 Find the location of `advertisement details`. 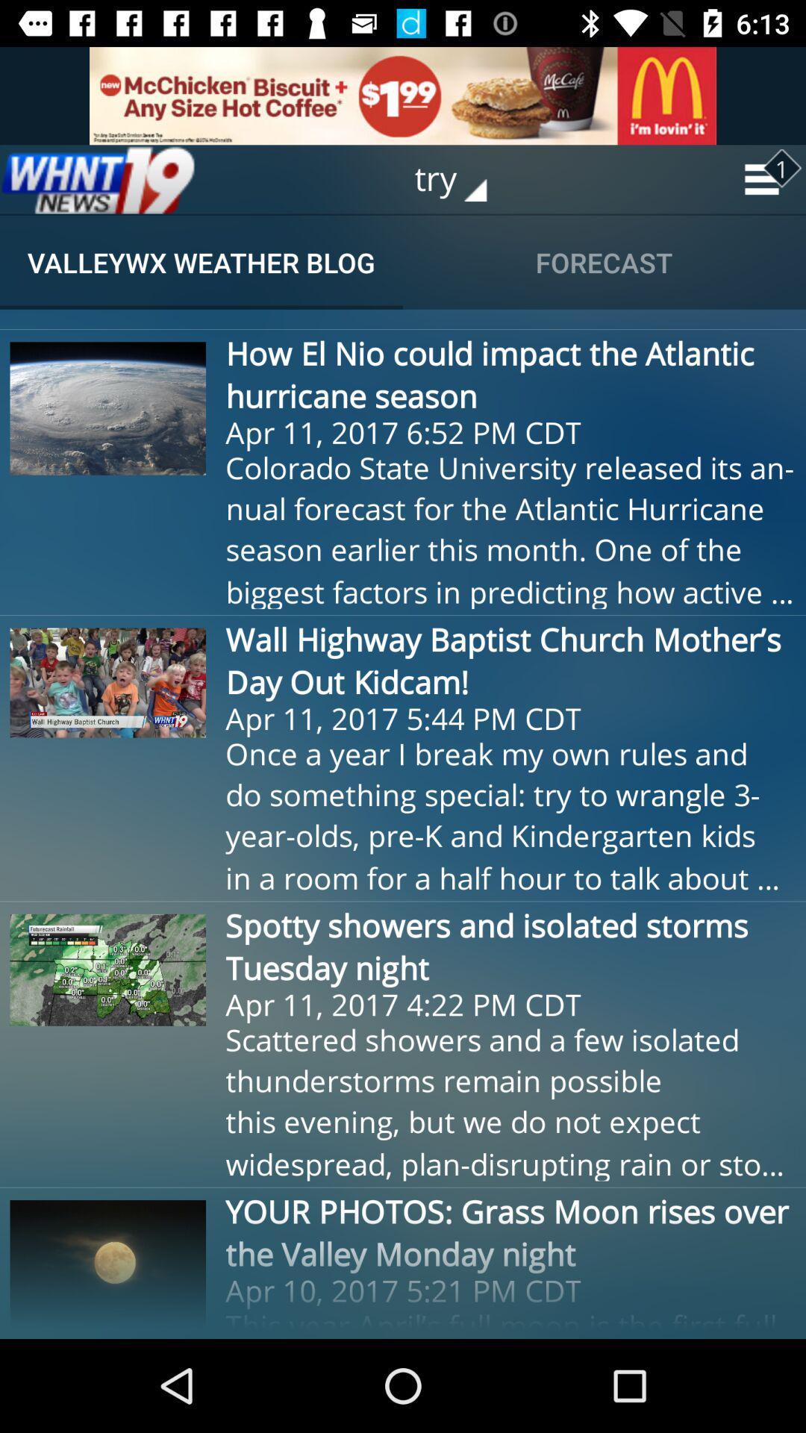

advertisement details is located at coordinates (403, 95).